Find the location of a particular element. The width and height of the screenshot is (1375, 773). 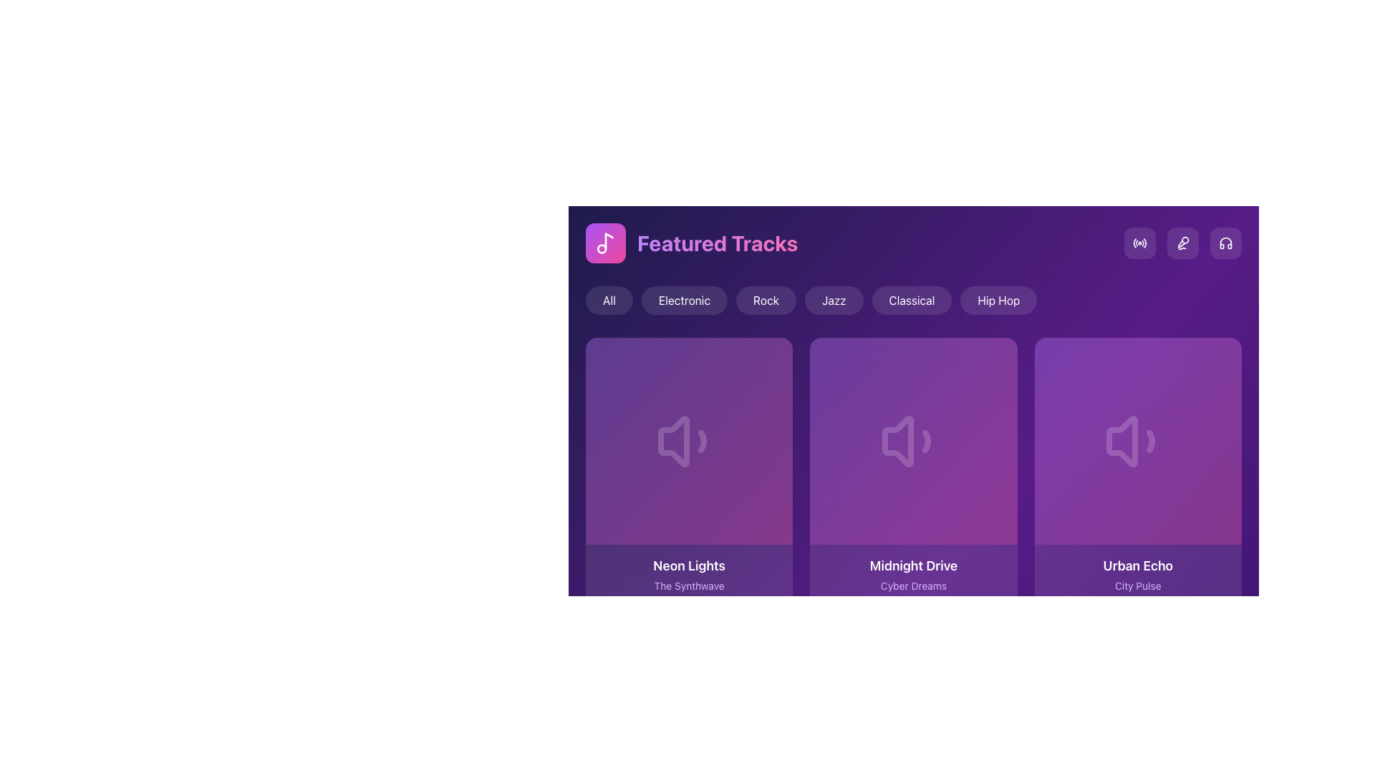

the curved line representing part of the speaker icon, which signifies sound waves, located to the right of the main speaker icon shape within the first card in the interface is located at coordinates (702, 440).